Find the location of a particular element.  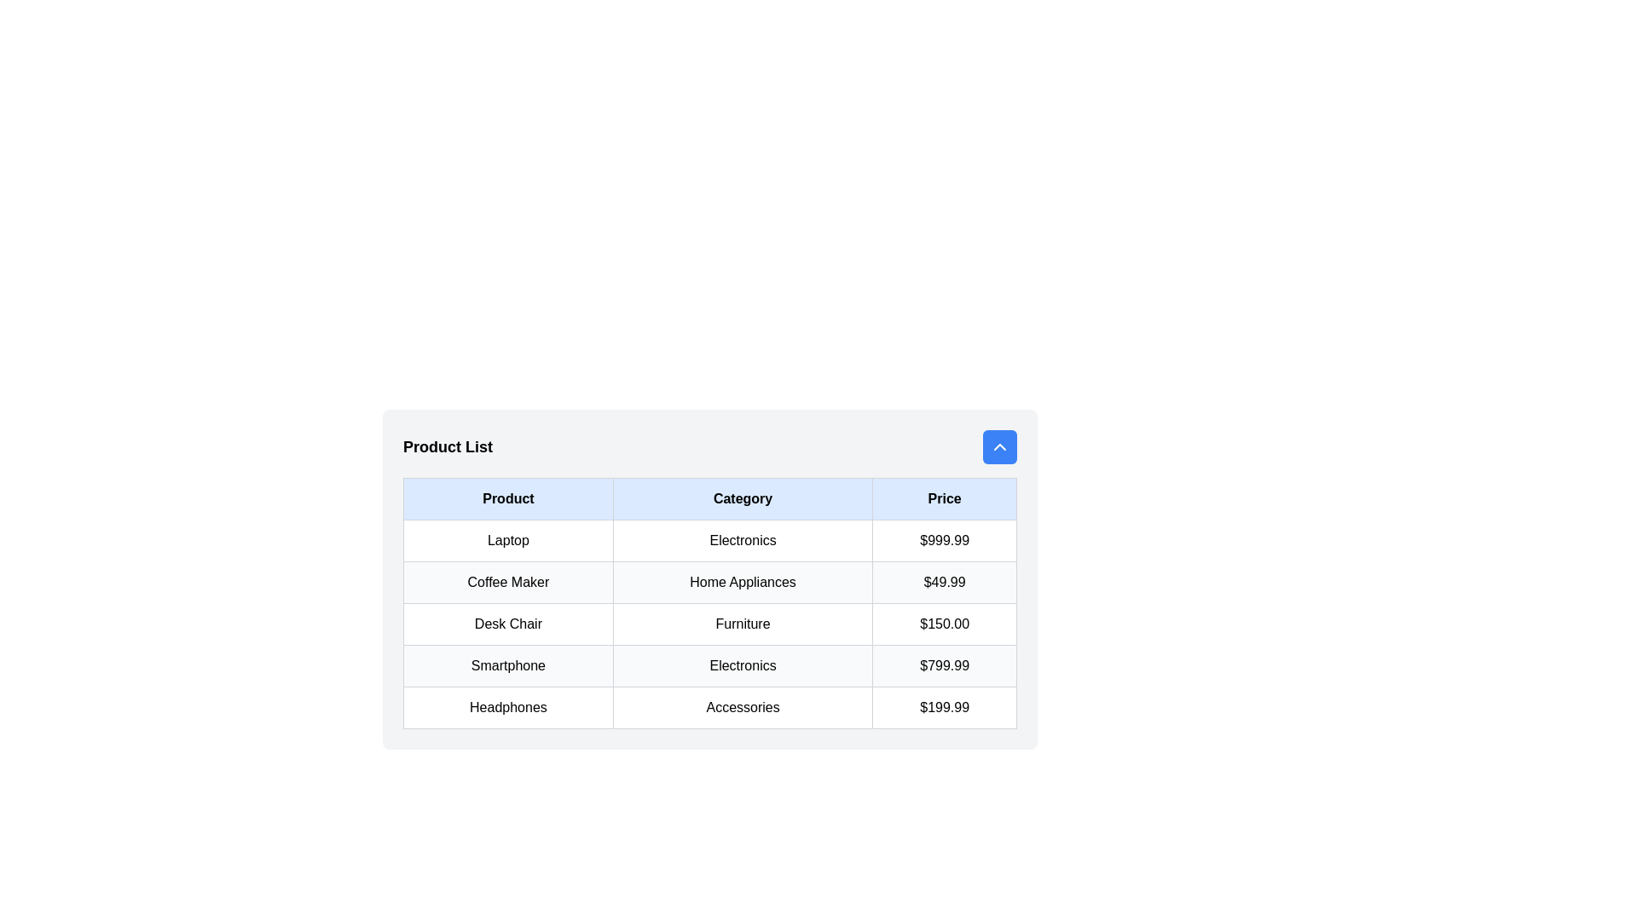

the small triangle-shaped icon with a blue background located in the top-right corner of the table header is located at coordinates (999, 446).